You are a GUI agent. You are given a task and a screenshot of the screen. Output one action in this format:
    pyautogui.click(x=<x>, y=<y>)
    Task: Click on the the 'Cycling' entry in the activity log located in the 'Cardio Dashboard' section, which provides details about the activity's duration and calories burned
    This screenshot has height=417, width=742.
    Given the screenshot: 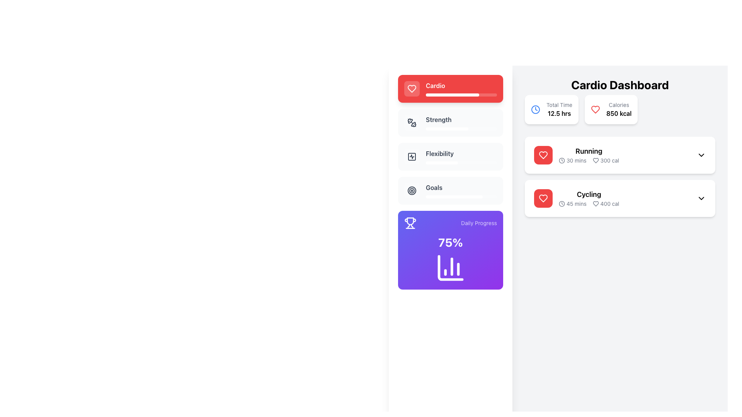 What is the action you would take?
    pyautogui.click(x=589, y=198)
    